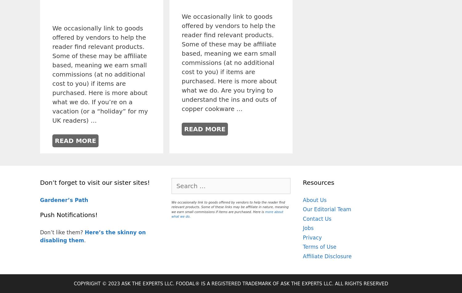 This screenshot has width=462, height=293. Describe the element at coordinates (318, 182) in the screenshot. I see `'Resources'` at that location.